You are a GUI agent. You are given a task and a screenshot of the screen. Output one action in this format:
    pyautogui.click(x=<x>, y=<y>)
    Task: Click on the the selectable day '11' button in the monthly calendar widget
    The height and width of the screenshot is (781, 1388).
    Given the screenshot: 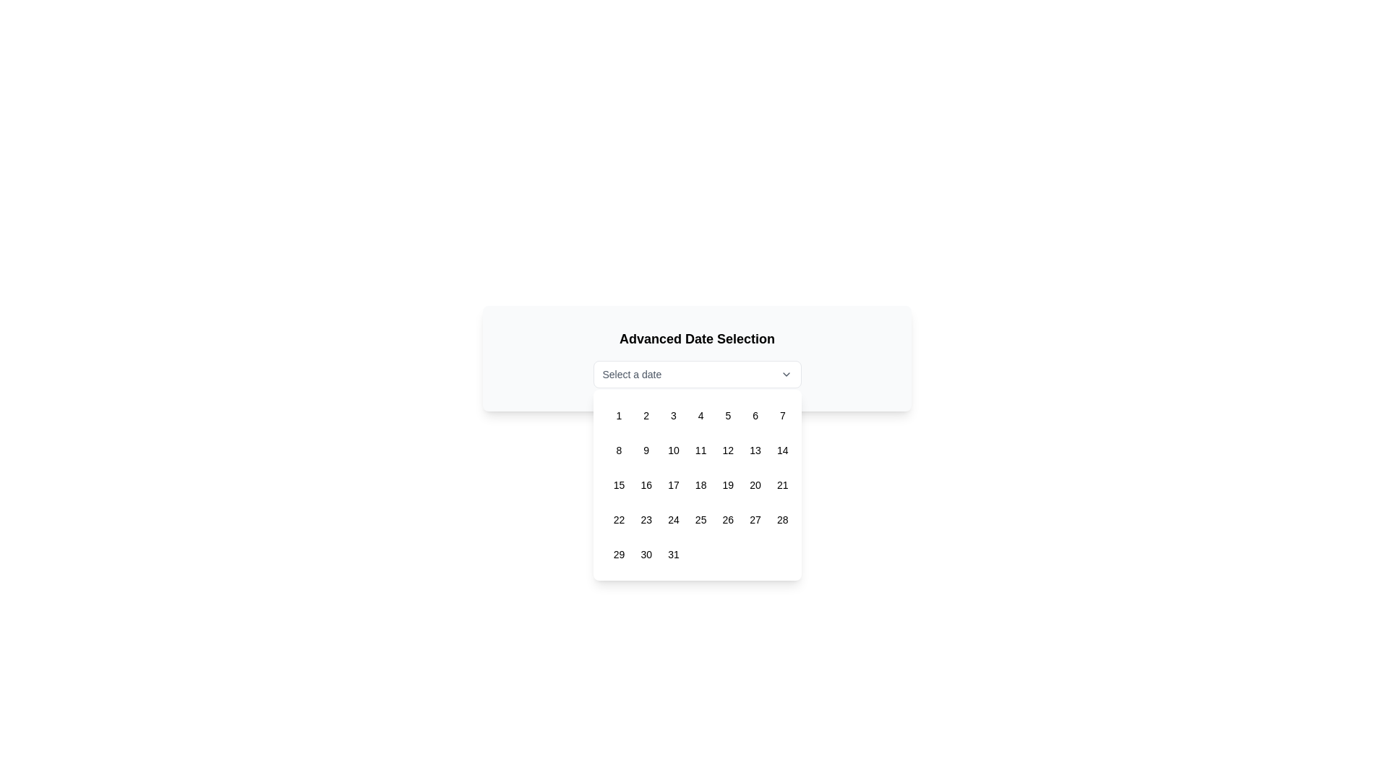 What is the action you would take?
    pyautogui.click(x=701, y=450)
    